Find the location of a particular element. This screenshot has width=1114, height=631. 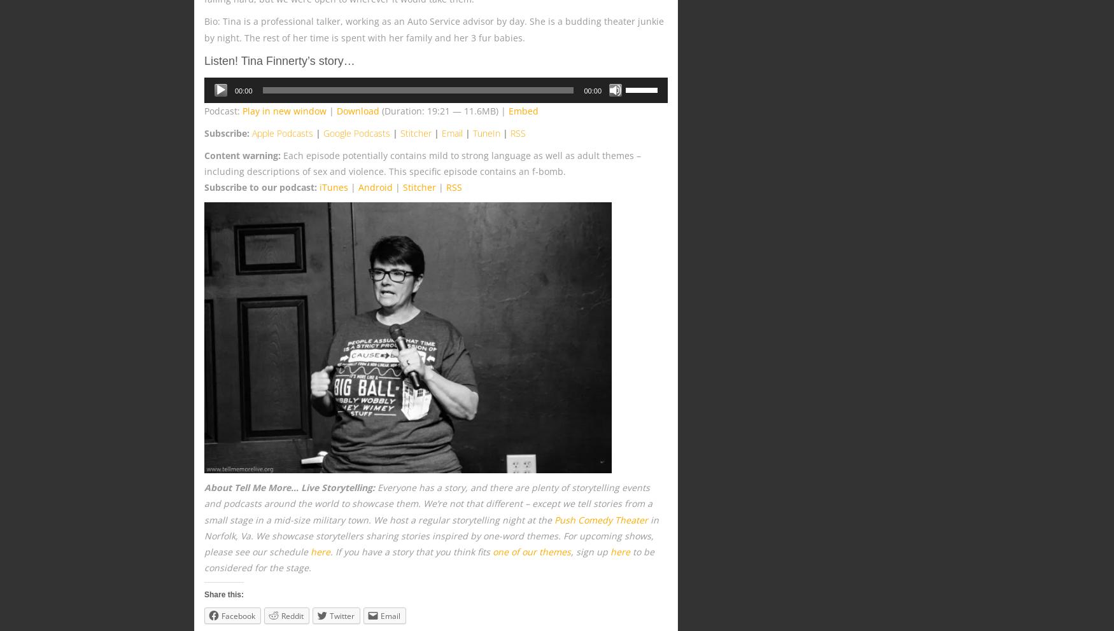

'Play in new window' is located at coordinates (284, 109).